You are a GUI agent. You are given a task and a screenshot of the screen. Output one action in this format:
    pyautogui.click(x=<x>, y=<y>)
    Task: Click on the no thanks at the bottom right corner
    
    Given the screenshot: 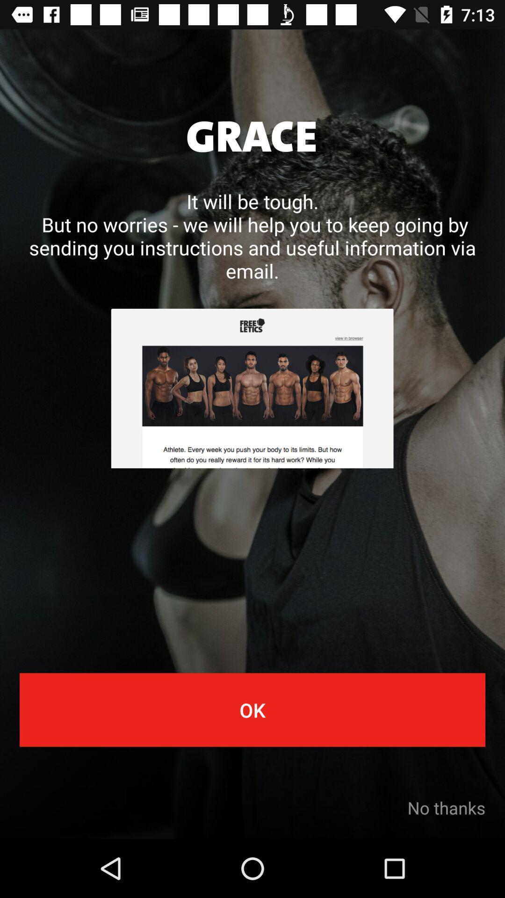 What is the action you would take?
    pyautogui.click(x=446, y=807)
    